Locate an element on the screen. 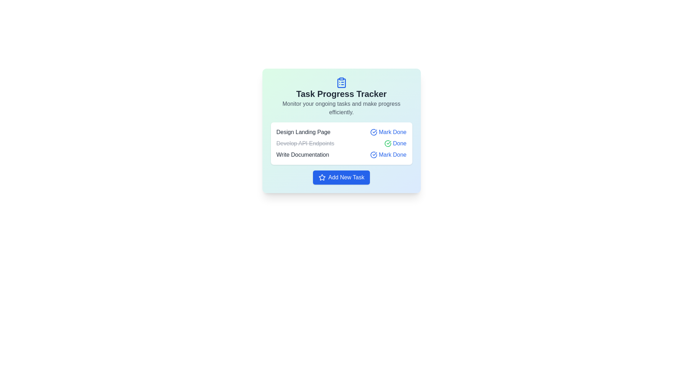  the decorative clipboard vector graphic component of the task tracker icon located at the top-center of the interface is located at coordinates (341, 83).